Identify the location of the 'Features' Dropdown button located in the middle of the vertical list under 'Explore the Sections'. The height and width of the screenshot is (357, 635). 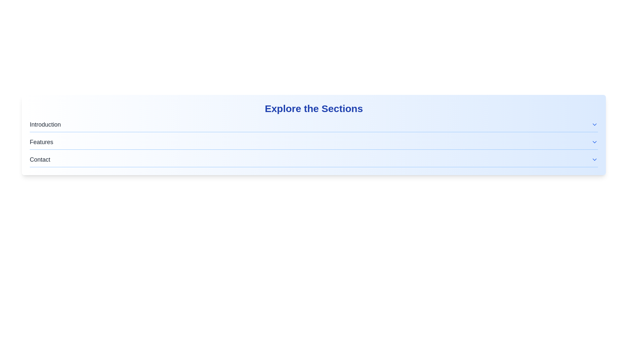
(314, 141).